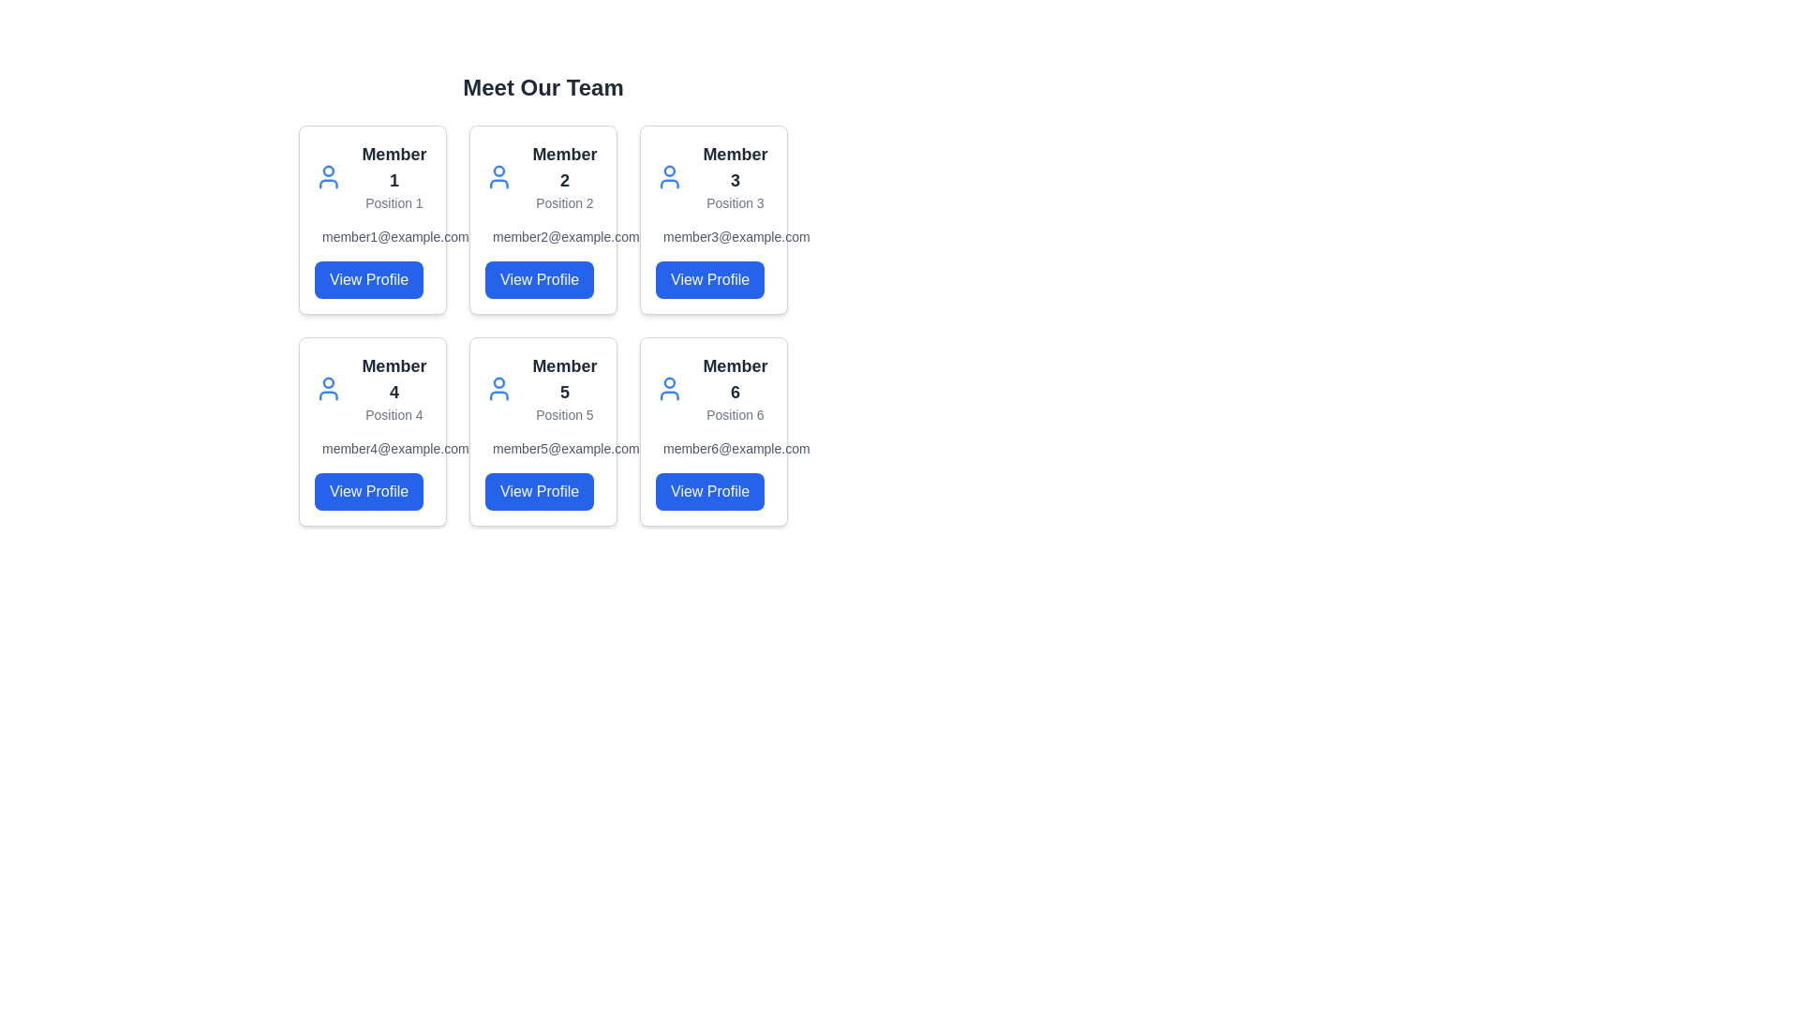  I want to click on the user figure icon styled in blue, located on the left side of the card layout for 'Member 5', positioned above the 'View Profile' button, so click(498, 388).